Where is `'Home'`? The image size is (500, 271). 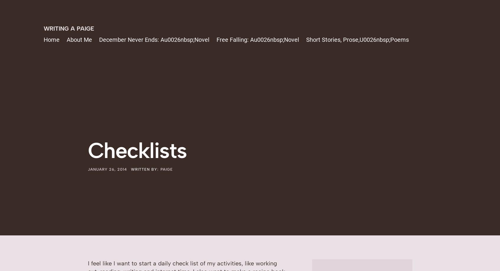
'Home' is located at coordinates (51, 40).